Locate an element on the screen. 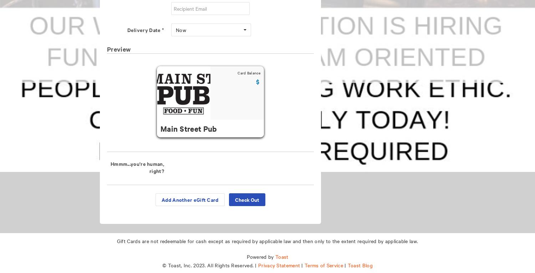  'Preview' is located at coordinates (118, 49).